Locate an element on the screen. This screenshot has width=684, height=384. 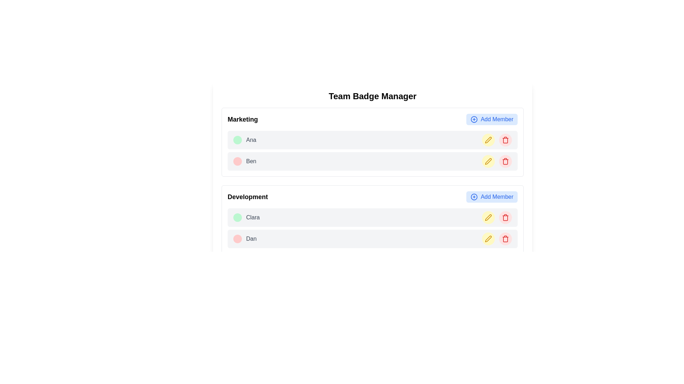
the text label displaying 'Ana' in gray color located in the 'Marketing' section of the page is located at coordinates (251, 140).